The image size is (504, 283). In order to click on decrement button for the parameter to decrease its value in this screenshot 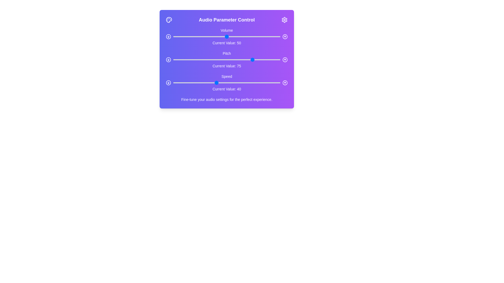, I will do `click(169, 36)`.